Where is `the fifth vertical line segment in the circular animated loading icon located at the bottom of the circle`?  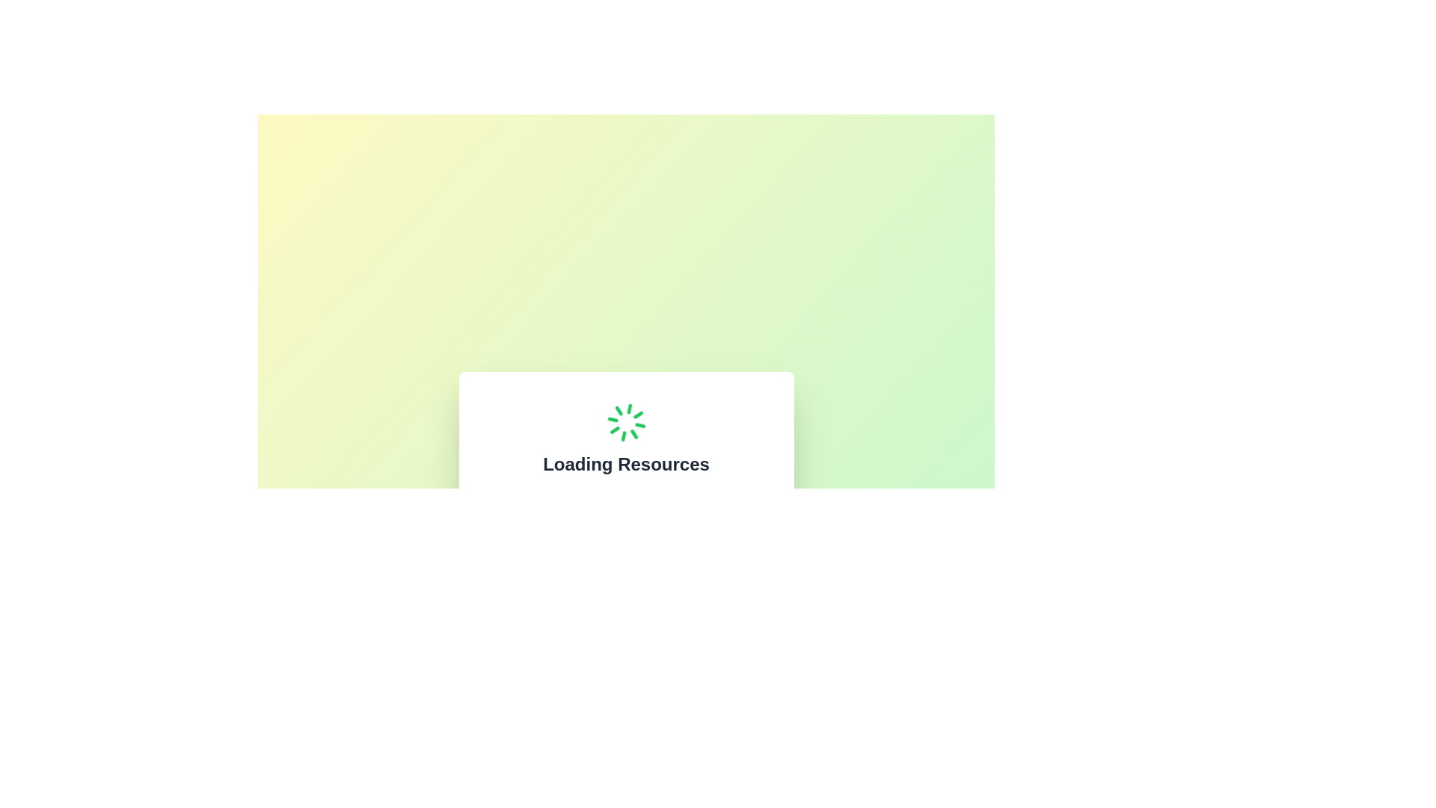
the fifth vertical line segment in the circular animated loading icon located at the bottom of the circle is located at coordinates (623, 408).